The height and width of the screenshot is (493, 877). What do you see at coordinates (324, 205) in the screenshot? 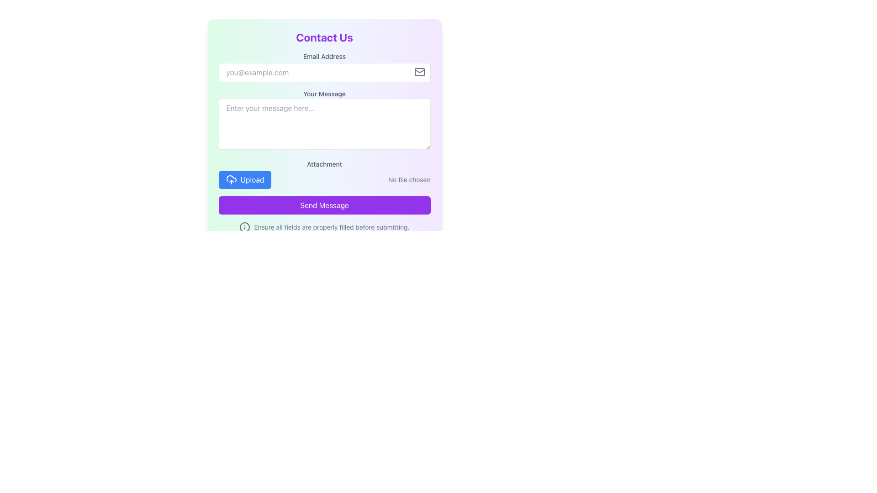
I see `the submit button located at the bottom of the form component` at bounding box center [324, 205].